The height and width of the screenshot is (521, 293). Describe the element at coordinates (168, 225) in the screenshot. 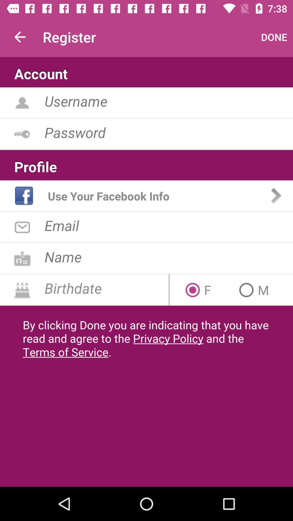

I see `opens text to input email address` at that location.